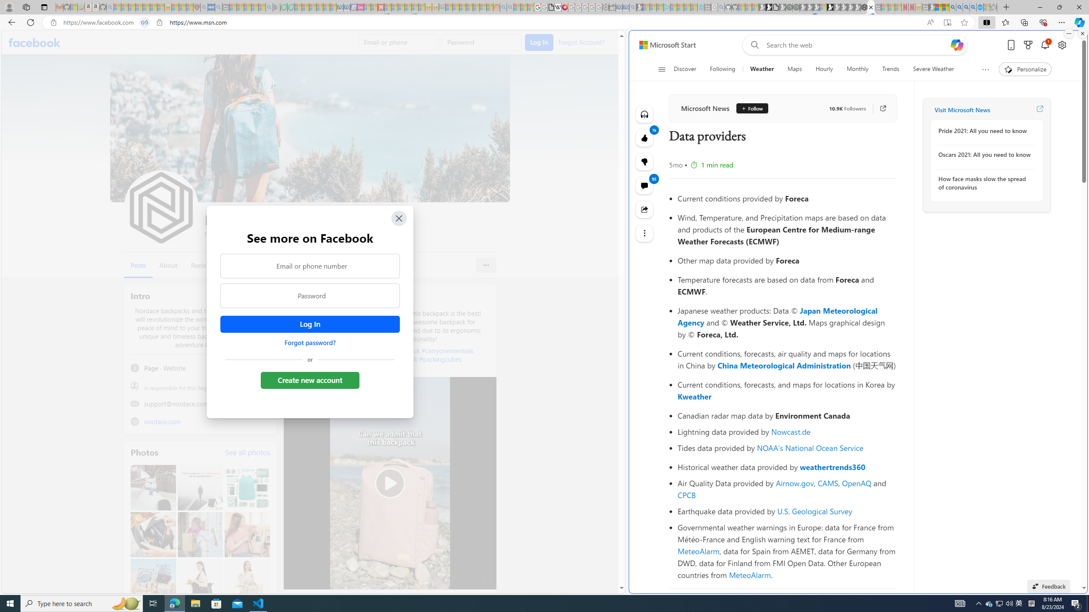 This screenshot has height=612, width=1089. What do you see at coordinates (823, 7) in the screenshot?
I see `'Sign in to your account - Sleeping'` at bounding box center [823, 7].